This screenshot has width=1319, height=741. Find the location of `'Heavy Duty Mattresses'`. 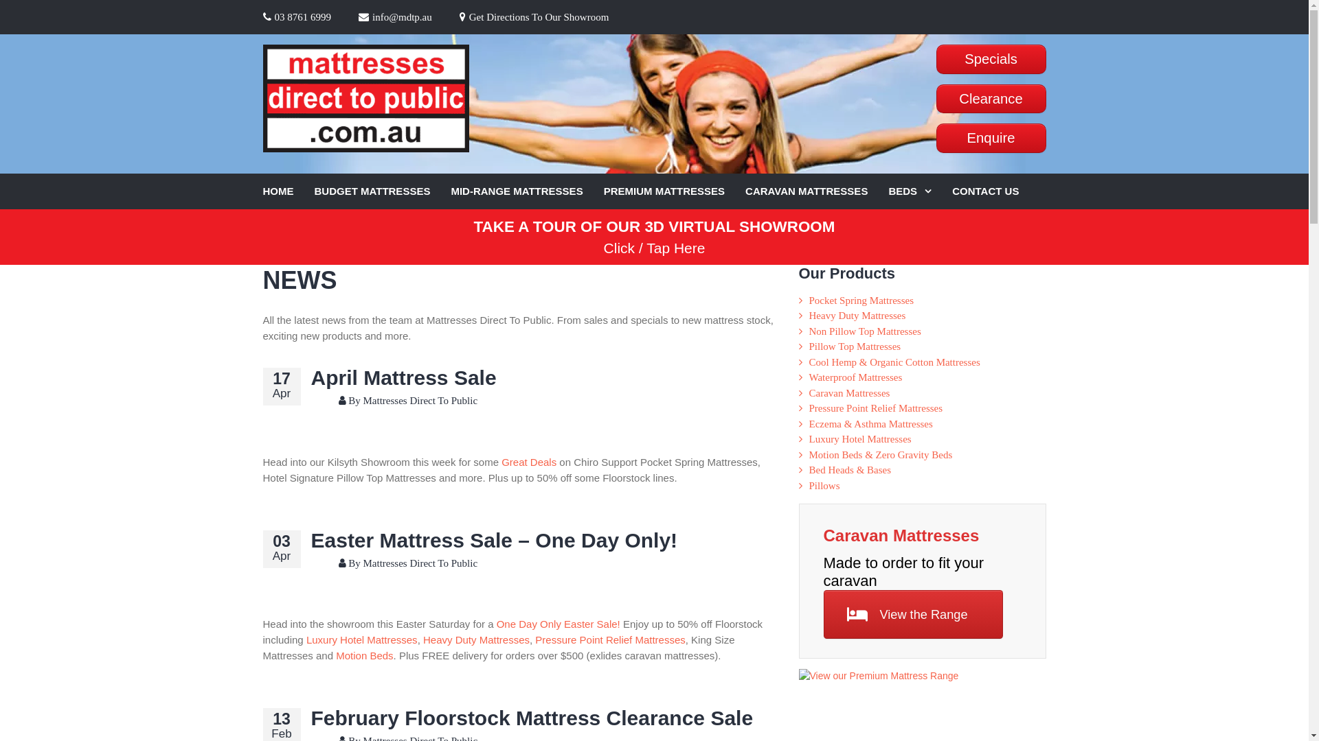

'Heavy Duty Mattresses' is located at coordinates (422, 639).